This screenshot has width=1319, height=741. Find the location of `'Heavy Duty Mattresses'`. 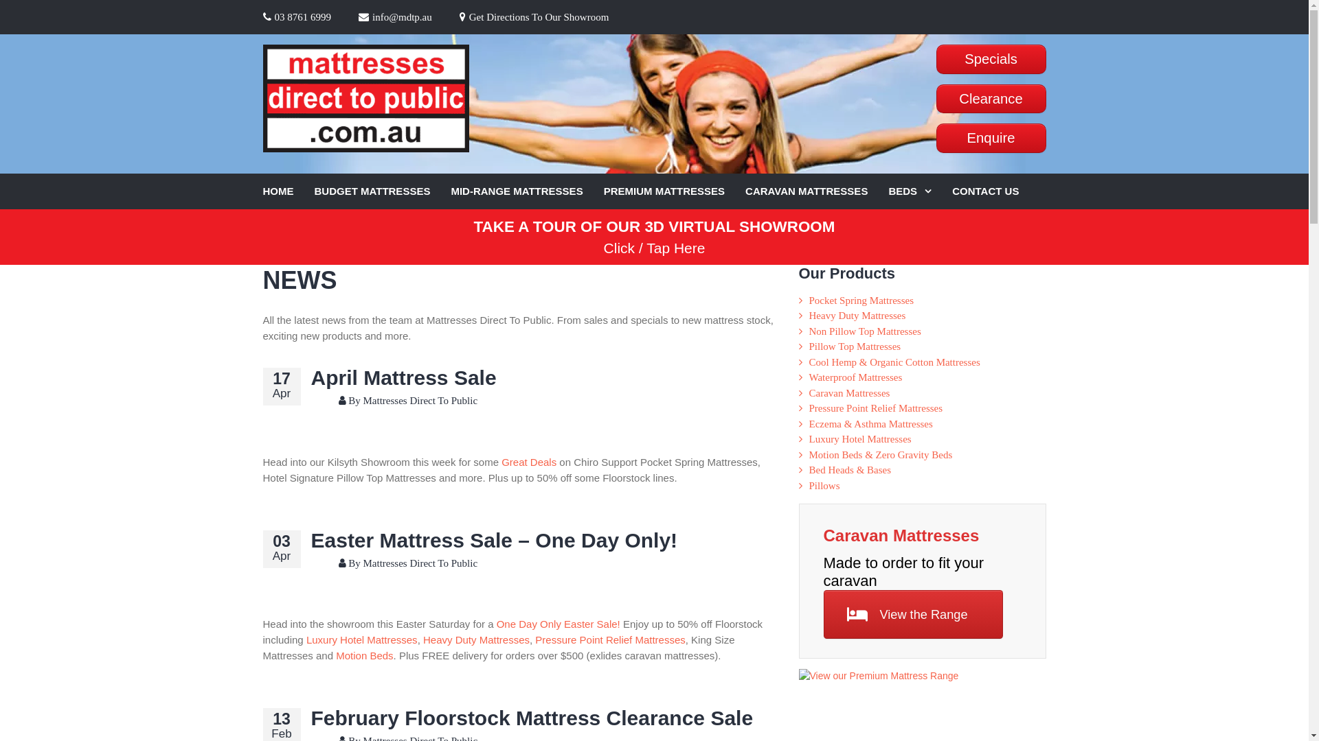

'Heavy Duty Mattresses' is located at coordinates (422, 639).